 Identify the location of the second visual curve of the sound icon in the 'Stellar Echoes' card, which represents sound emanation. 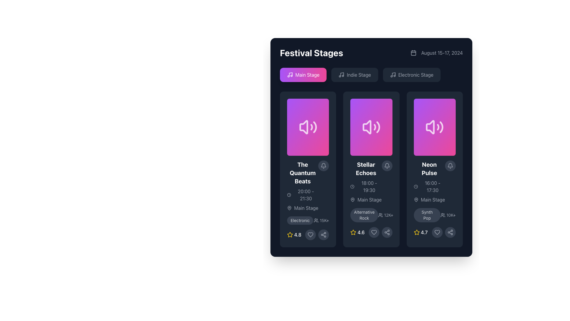
(374, 127).